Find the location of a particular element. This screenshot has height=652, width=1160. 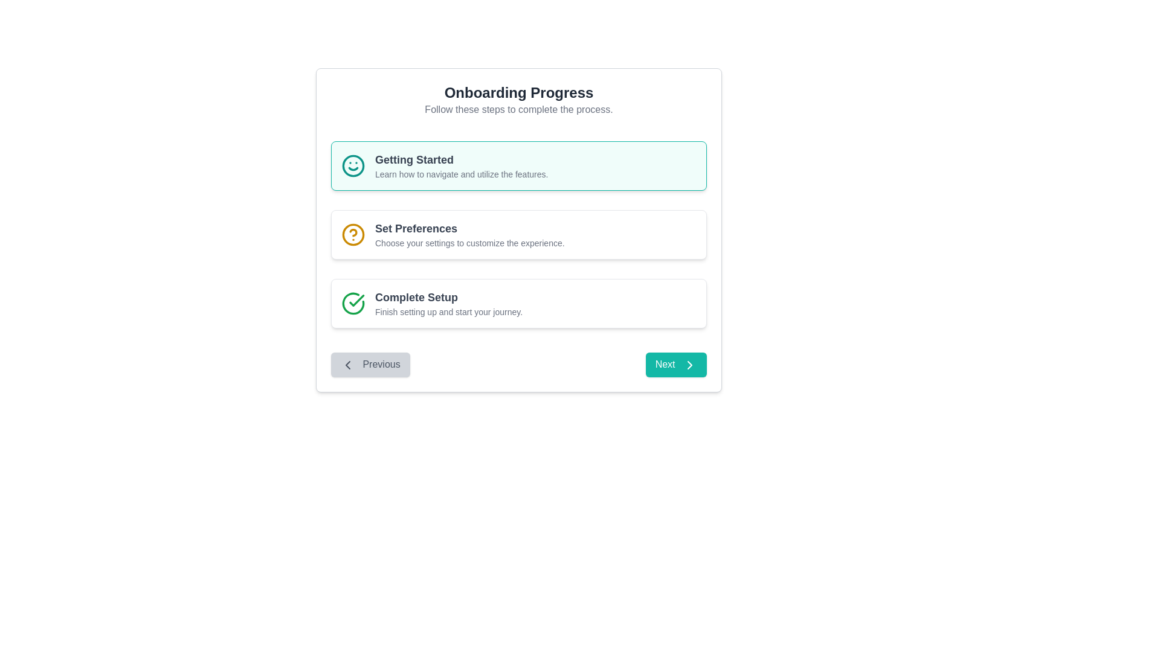

the Step Indicator Panel, which displays progress steps for onboarding including sections titled 'Getting Started,' 'Set Preferences,' and 'Complete Setup' is located at coordinates (519, 235).